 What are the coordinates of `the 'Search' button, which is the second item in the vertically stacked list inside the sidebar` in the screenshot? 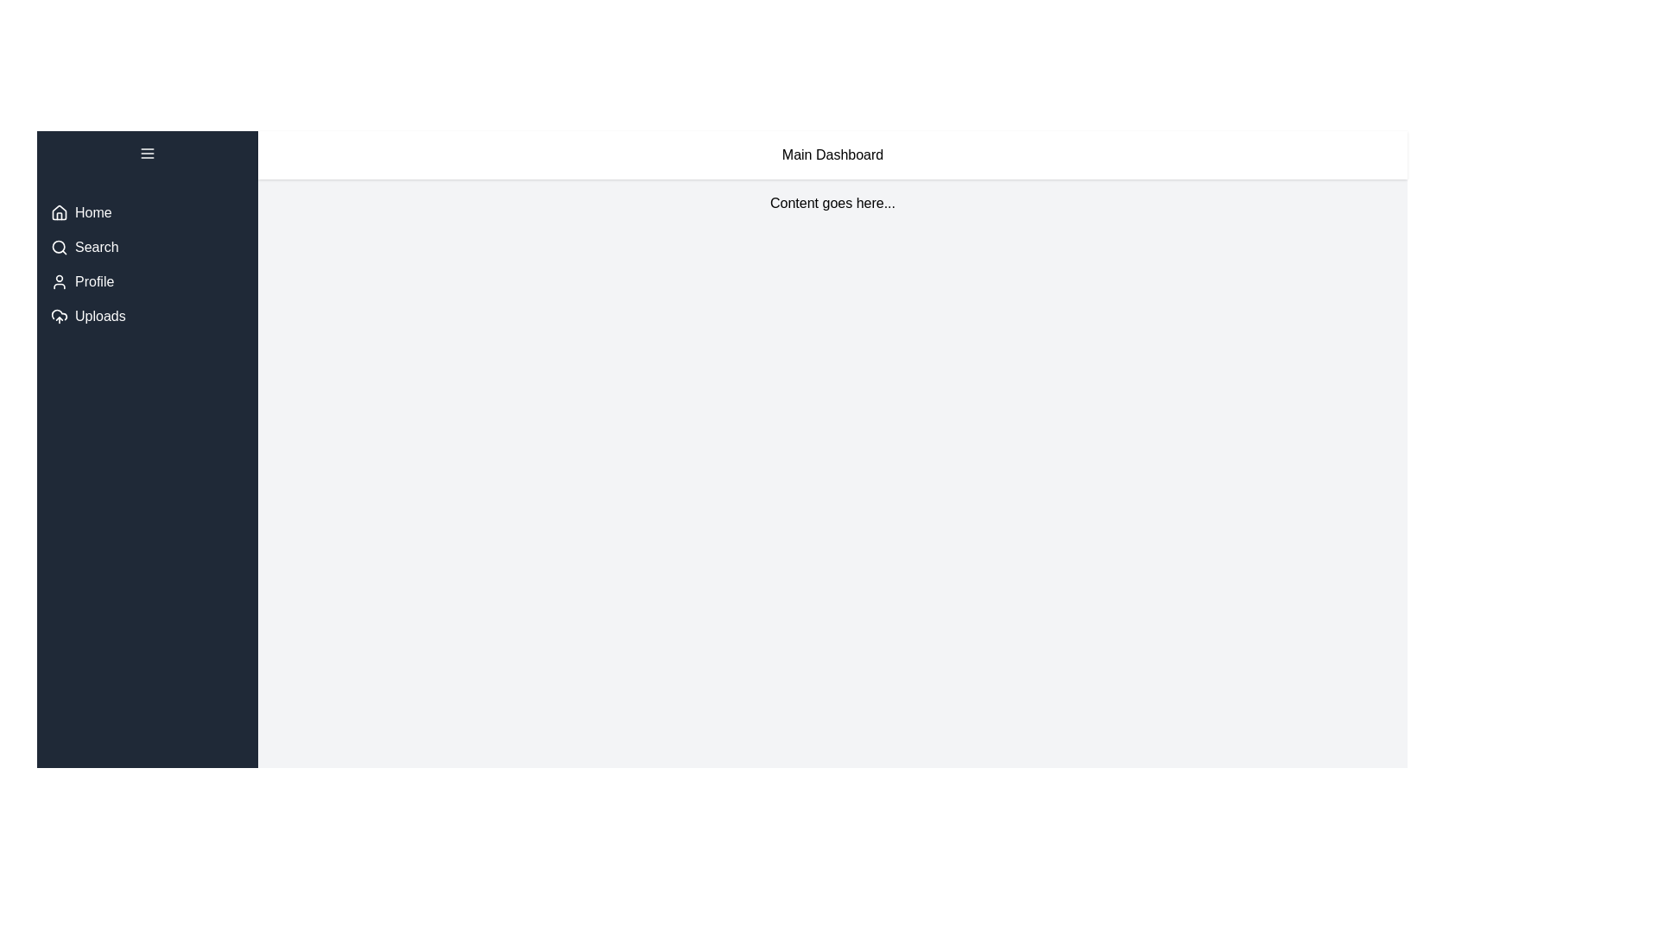 It's located at (148, 265).